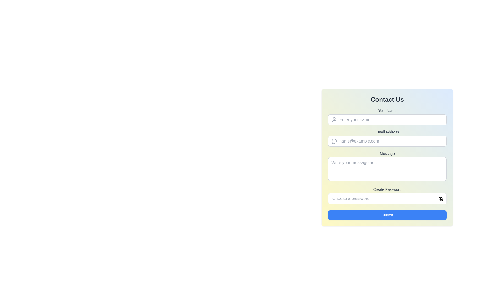 The image size is (503, 283). I want to click on the informative title text label at the top of the form, which sets the context for the fields below, so click(387, 100).